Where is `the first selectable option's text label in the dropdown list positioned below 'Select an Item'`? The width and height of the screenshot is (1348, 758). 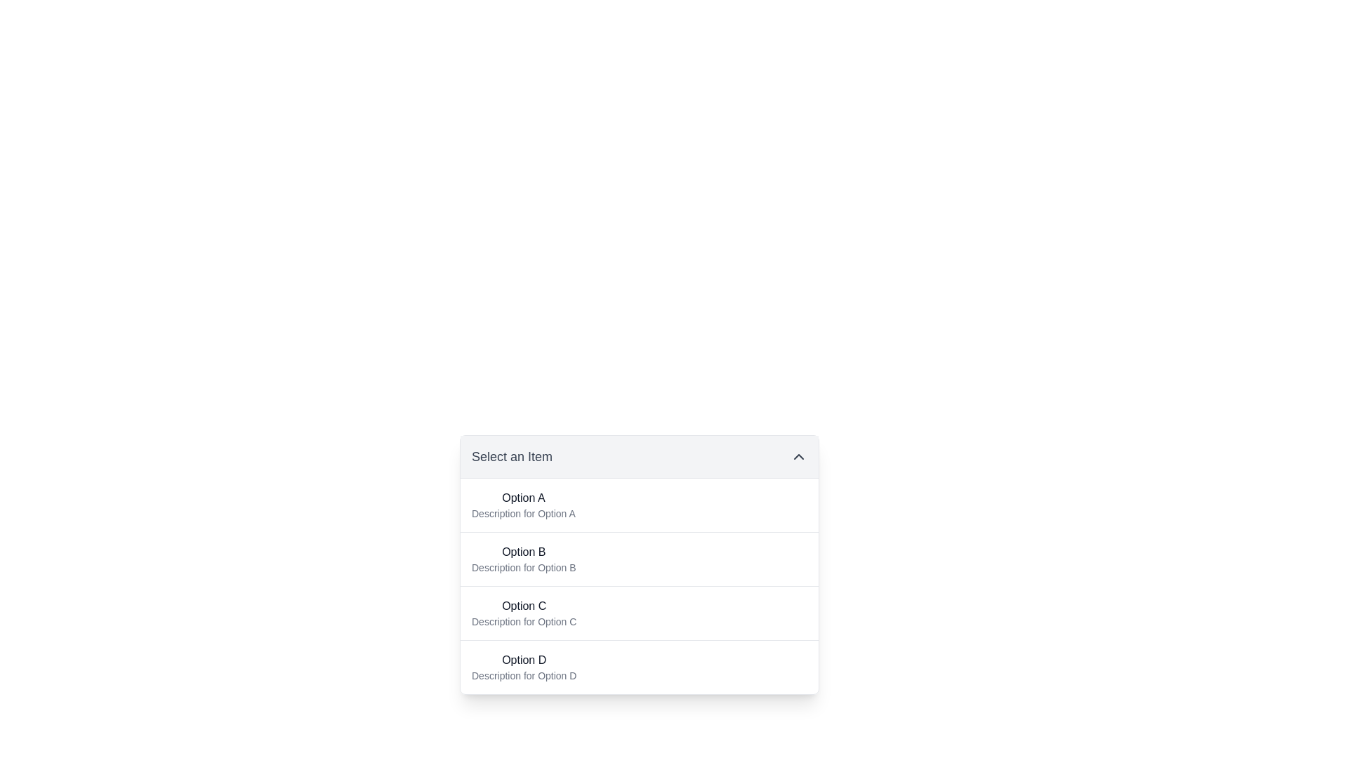 the first selectable option's text label in the dropdown list positioned below 'Select an Item' is located at coordinates (522, 497).